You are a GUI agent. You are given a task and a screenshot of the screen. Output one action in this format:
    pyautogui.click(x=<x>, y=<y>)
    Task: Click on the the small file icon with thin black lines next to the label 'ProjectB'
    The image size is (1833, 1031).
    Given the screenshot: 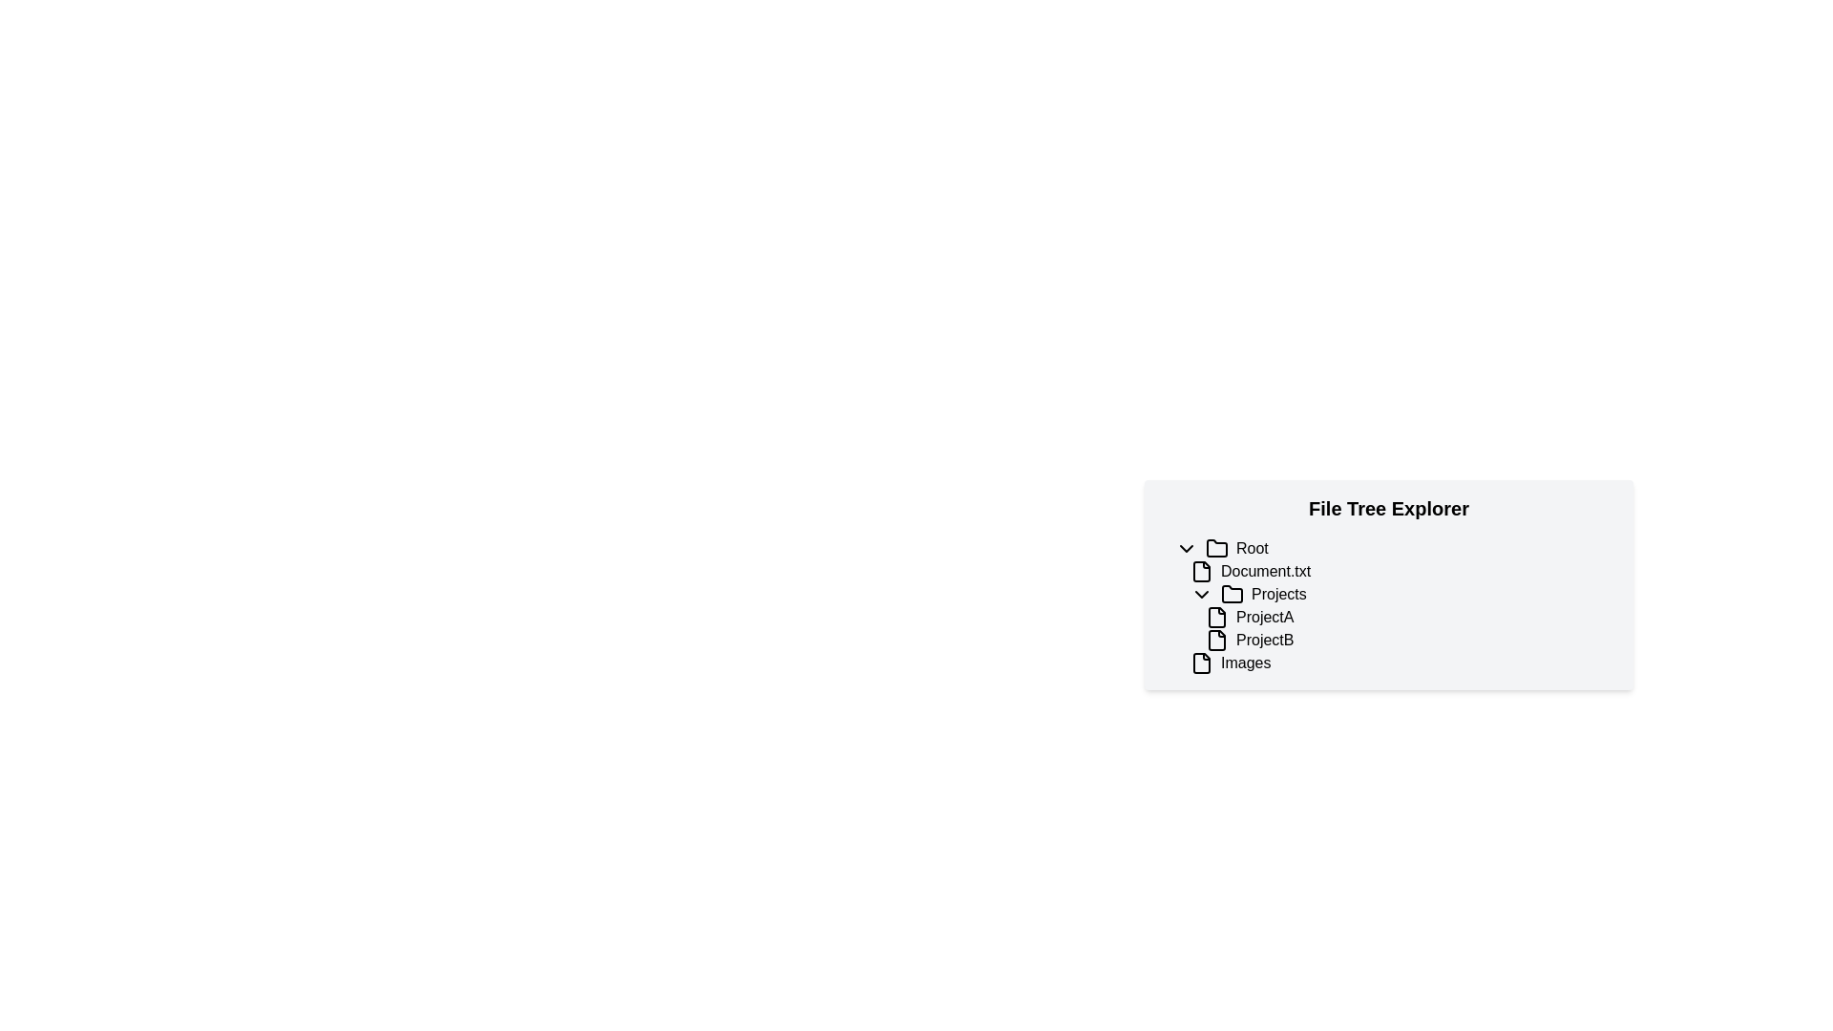 What is the action you would take?
    pyautogui.click(x=1216, y=641)
    